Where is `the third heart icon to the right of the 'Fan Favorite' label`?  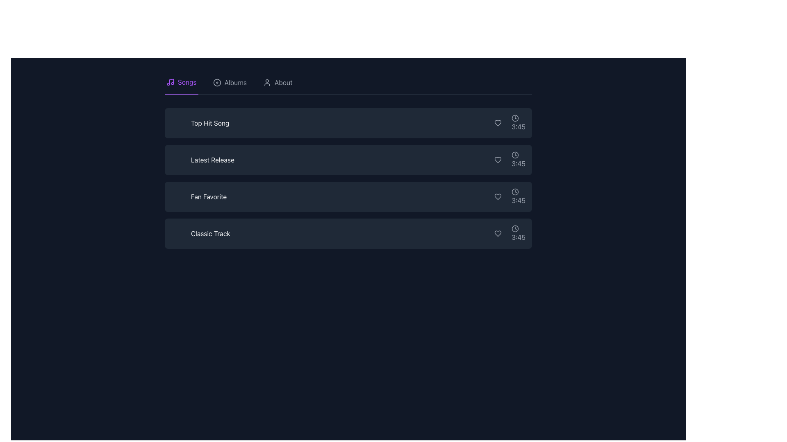
the third heart icon to the right of the 'Fan Favorite' label is located at coordinates (498, 197).